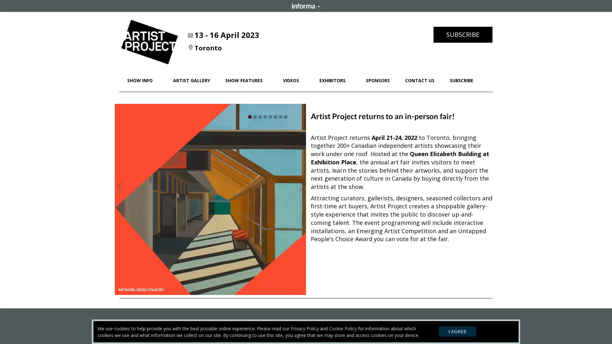 The height and width of the screenshot is (344, 612). What do you see at coordinates (119, 185) in the screenshot?
I see `Previous` at bounding box center [119, 185].